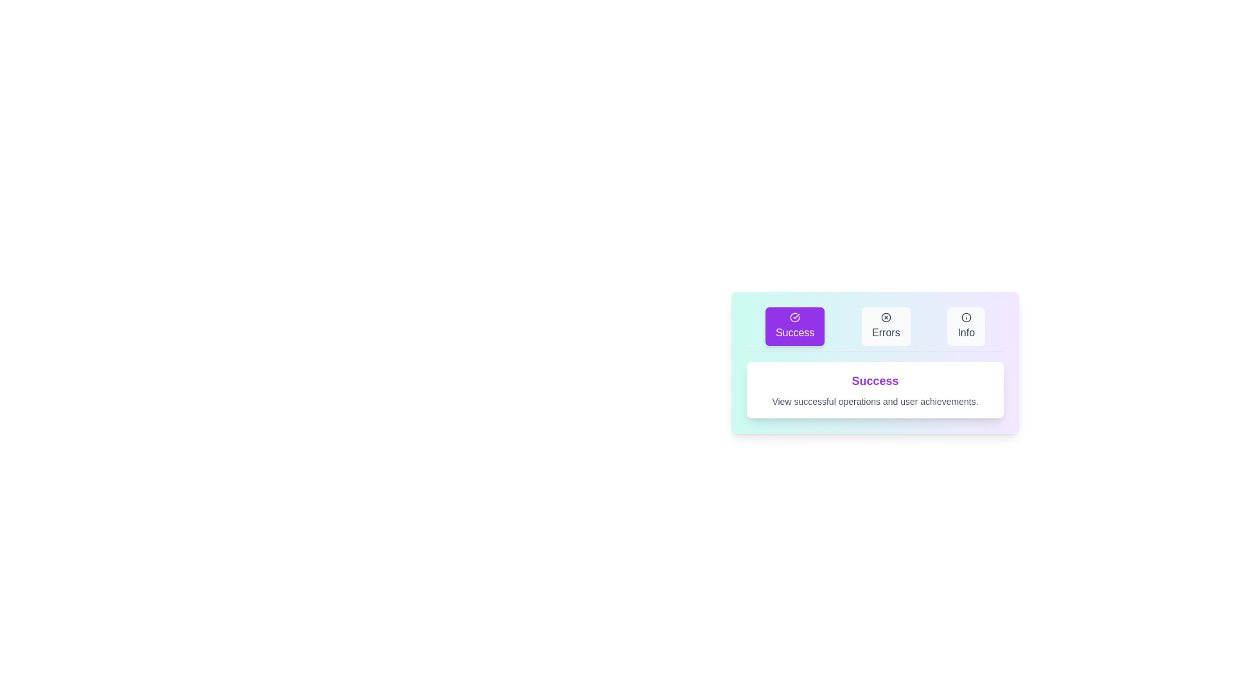 This screenshot has width=1233, height=693. Describe the element at coordinates (771, 395) in the screenshot. I see `the textual content 'View successful operations and user achievements.'` at that location.